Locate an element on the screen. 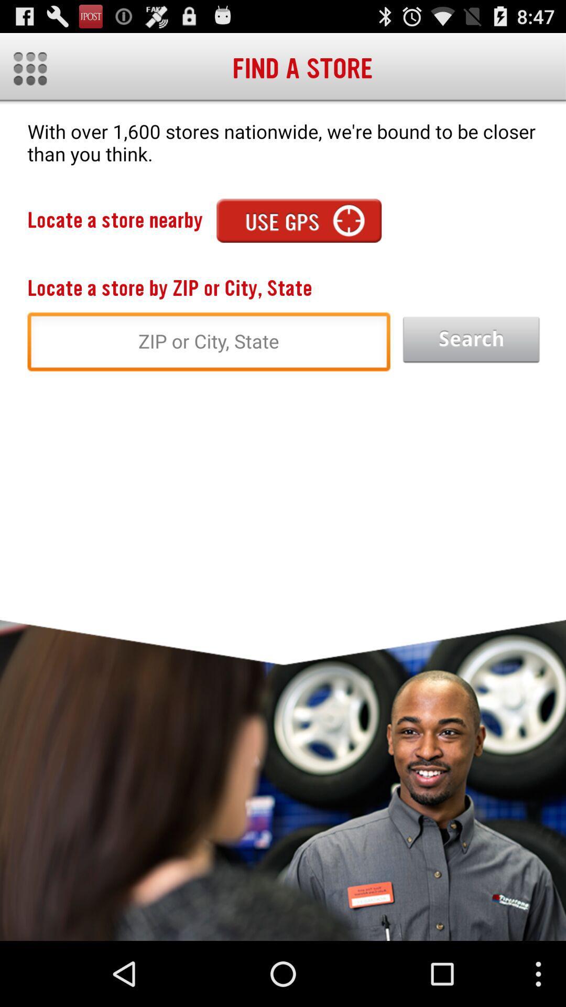  app above the locate a store icon is located at coordinates (299, 220).